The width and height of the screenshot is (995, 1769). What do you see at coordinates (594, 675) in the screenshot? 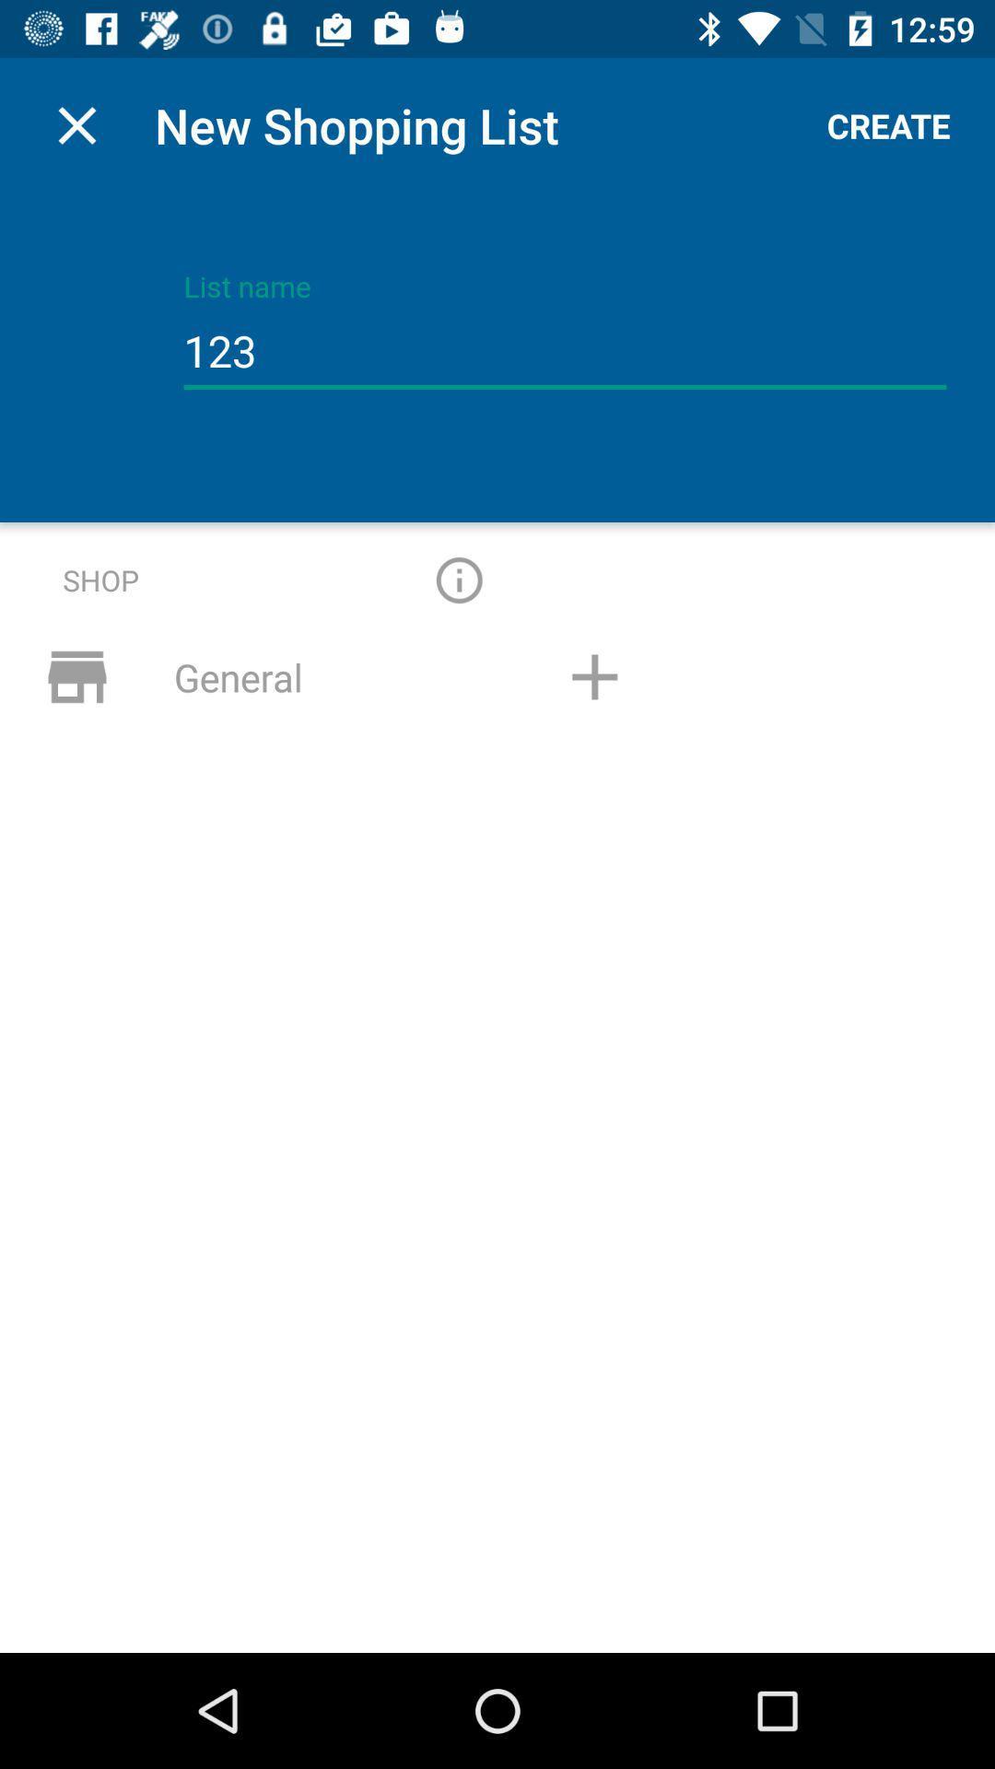
I see `button` at bounding box center [594, 675].